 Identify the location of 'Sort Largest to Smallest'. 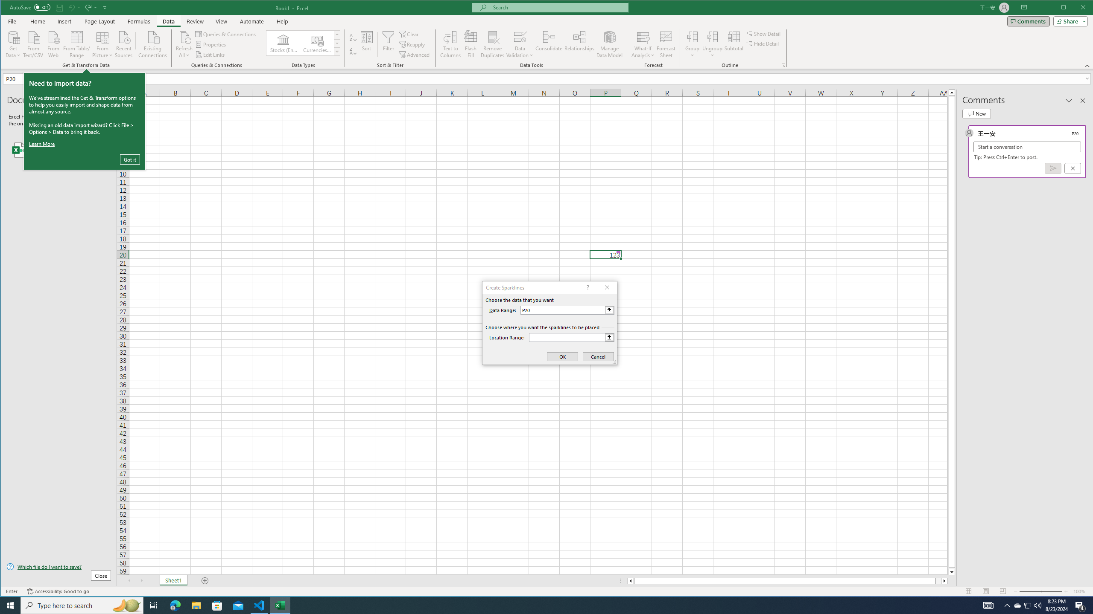
(353, 51).